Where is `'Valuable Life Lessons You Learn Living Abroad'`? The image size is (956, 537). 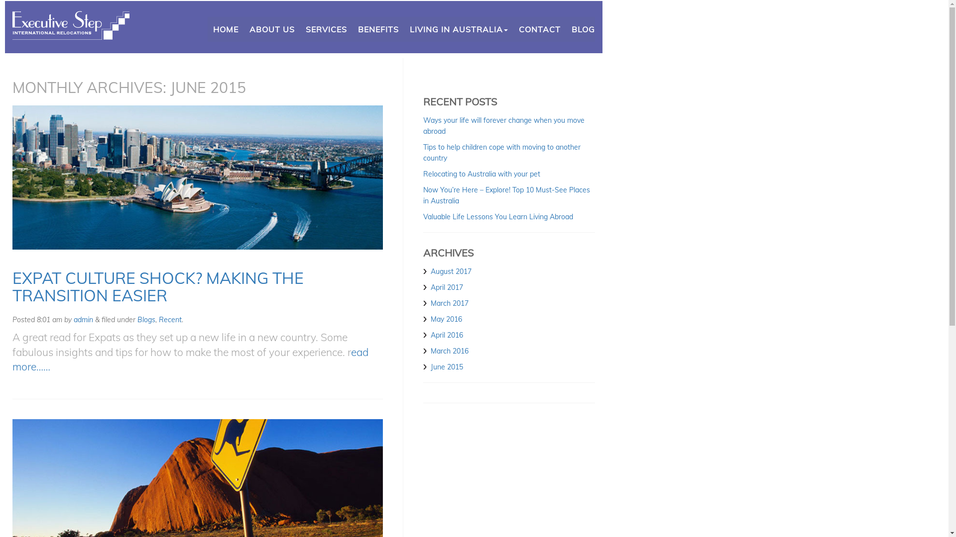 'Valuable Life Lessons You Learn Living Abroad' is located at coordinates (498, 216).